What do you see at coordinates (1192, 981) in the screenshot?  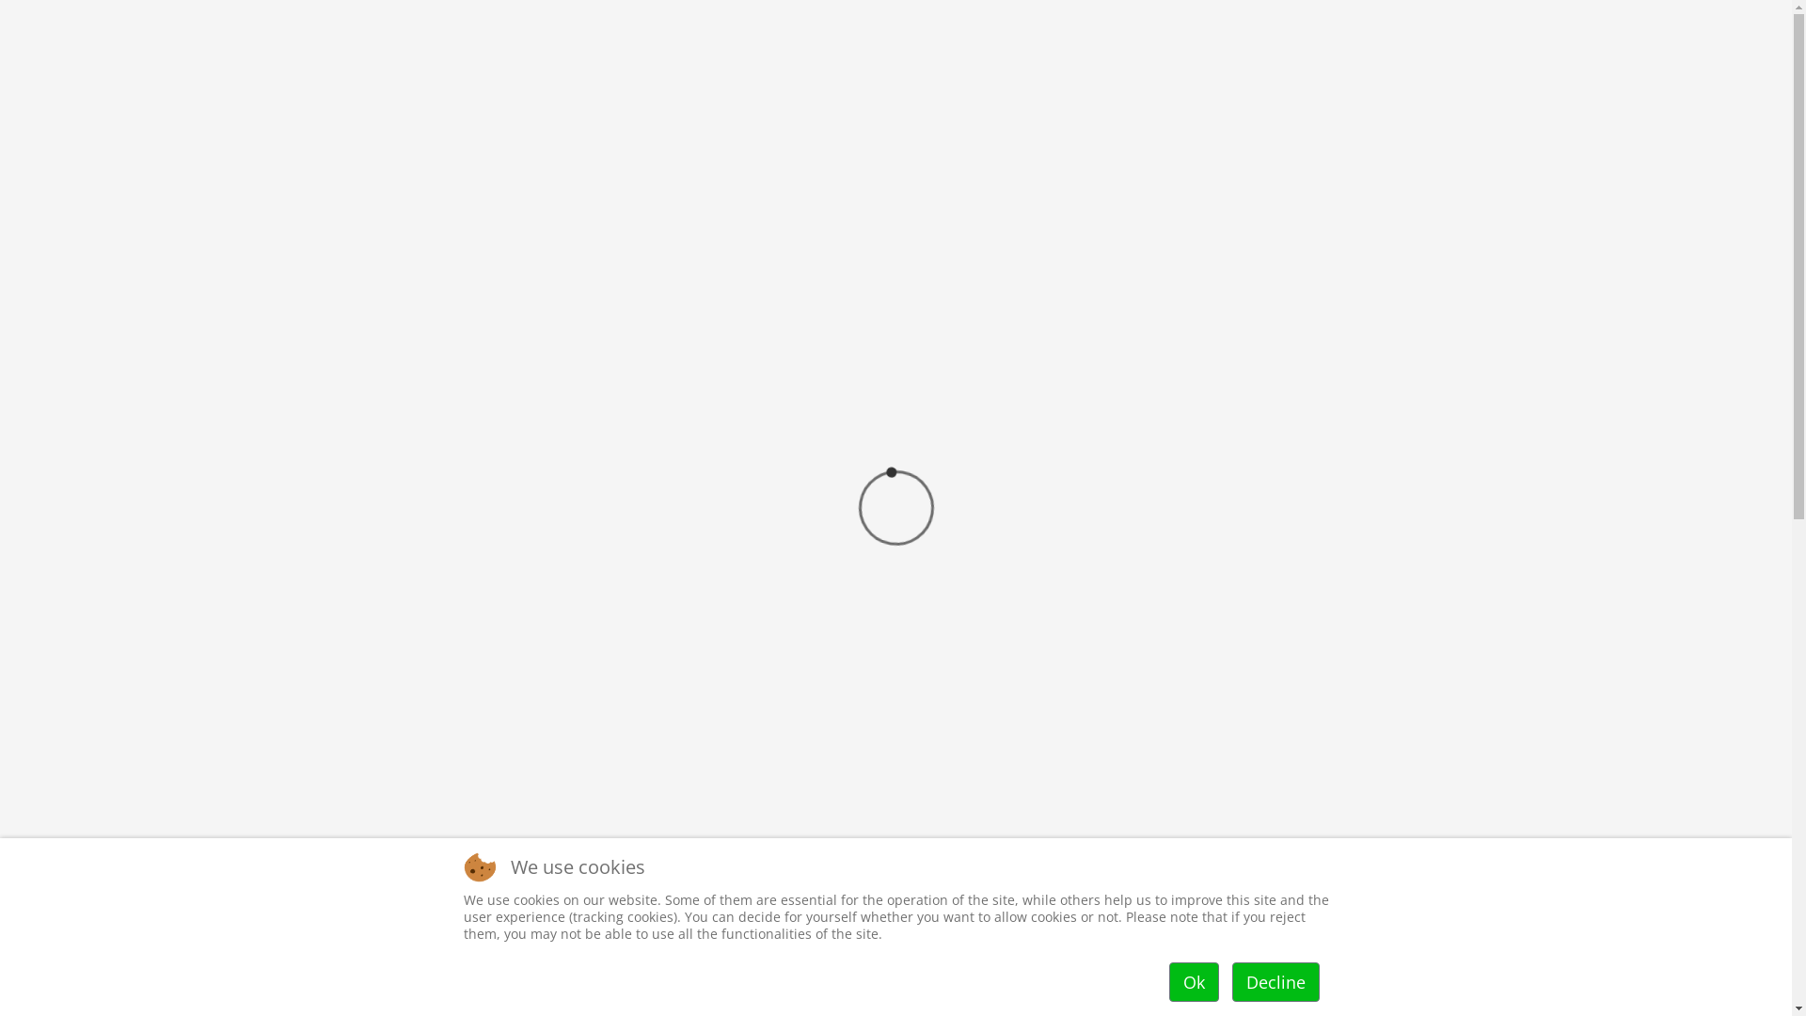 I see `'Ok'` at bounding box center [1192, 981].